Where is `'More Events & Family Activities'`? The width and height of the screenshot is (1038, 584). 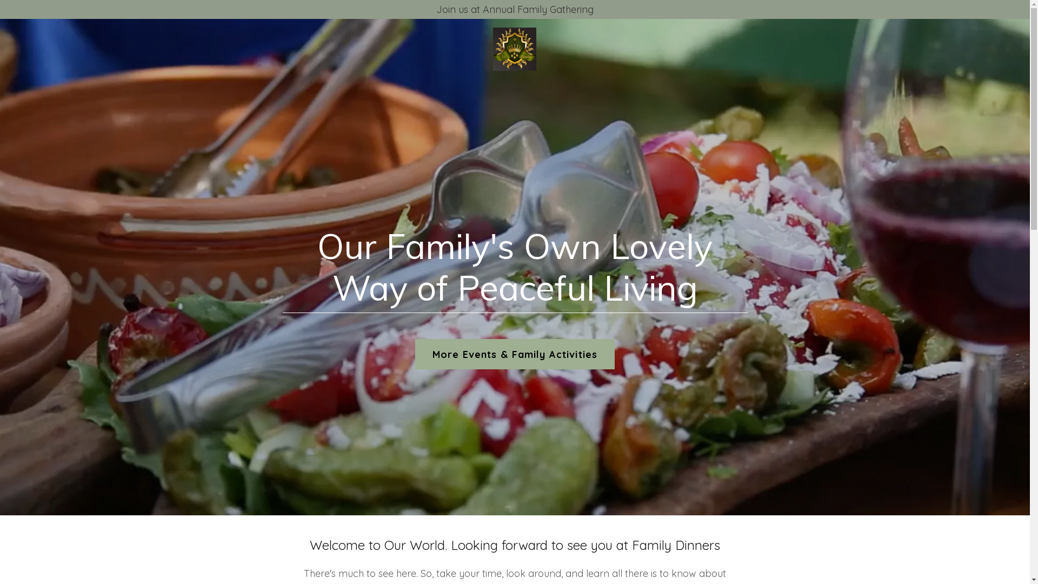 'More Events & Family Activities' is located at coordinates (514, 354).